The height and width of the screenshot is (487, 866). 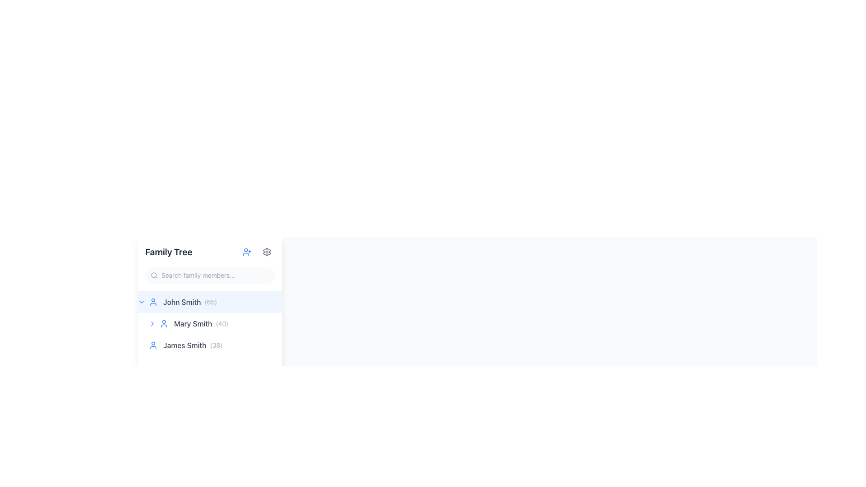 What do you see at coordinates (222, 323) in the screenshot?
I see `the static text displaying '(40)' which is adjacent to 'Mary Smith' in the family tree UI component` at bounding box center [222, 323].